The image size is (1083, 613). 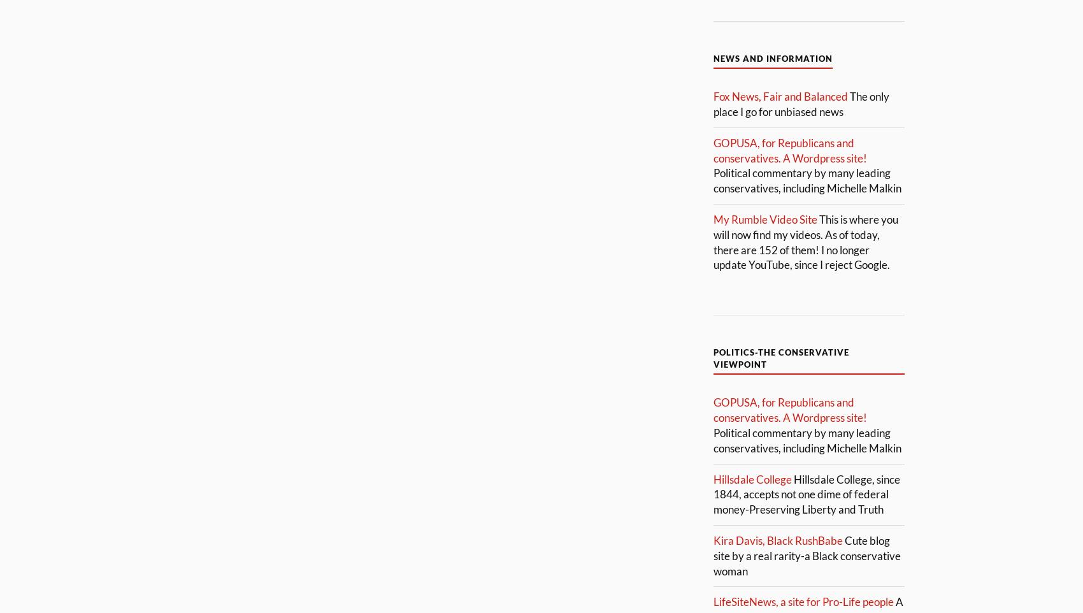 I want to click on 'My Rumble Video Site', so click(x=713, y=219).